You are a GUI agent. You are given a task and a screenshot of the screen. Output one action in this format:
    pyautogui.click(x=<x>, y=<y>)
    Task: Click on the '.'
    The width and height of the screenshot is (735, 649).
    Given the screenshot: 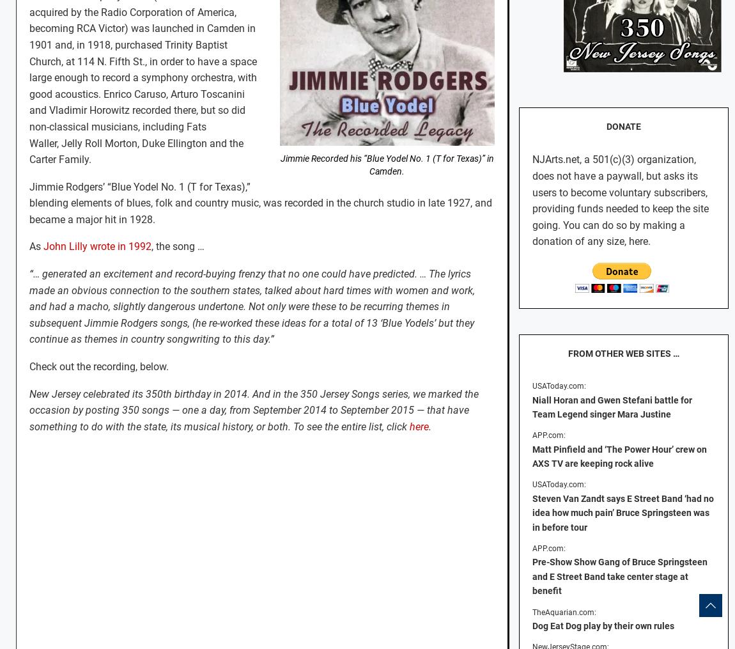 What is the action you would take?
    pyautogui.click(x=428, y=426)
    